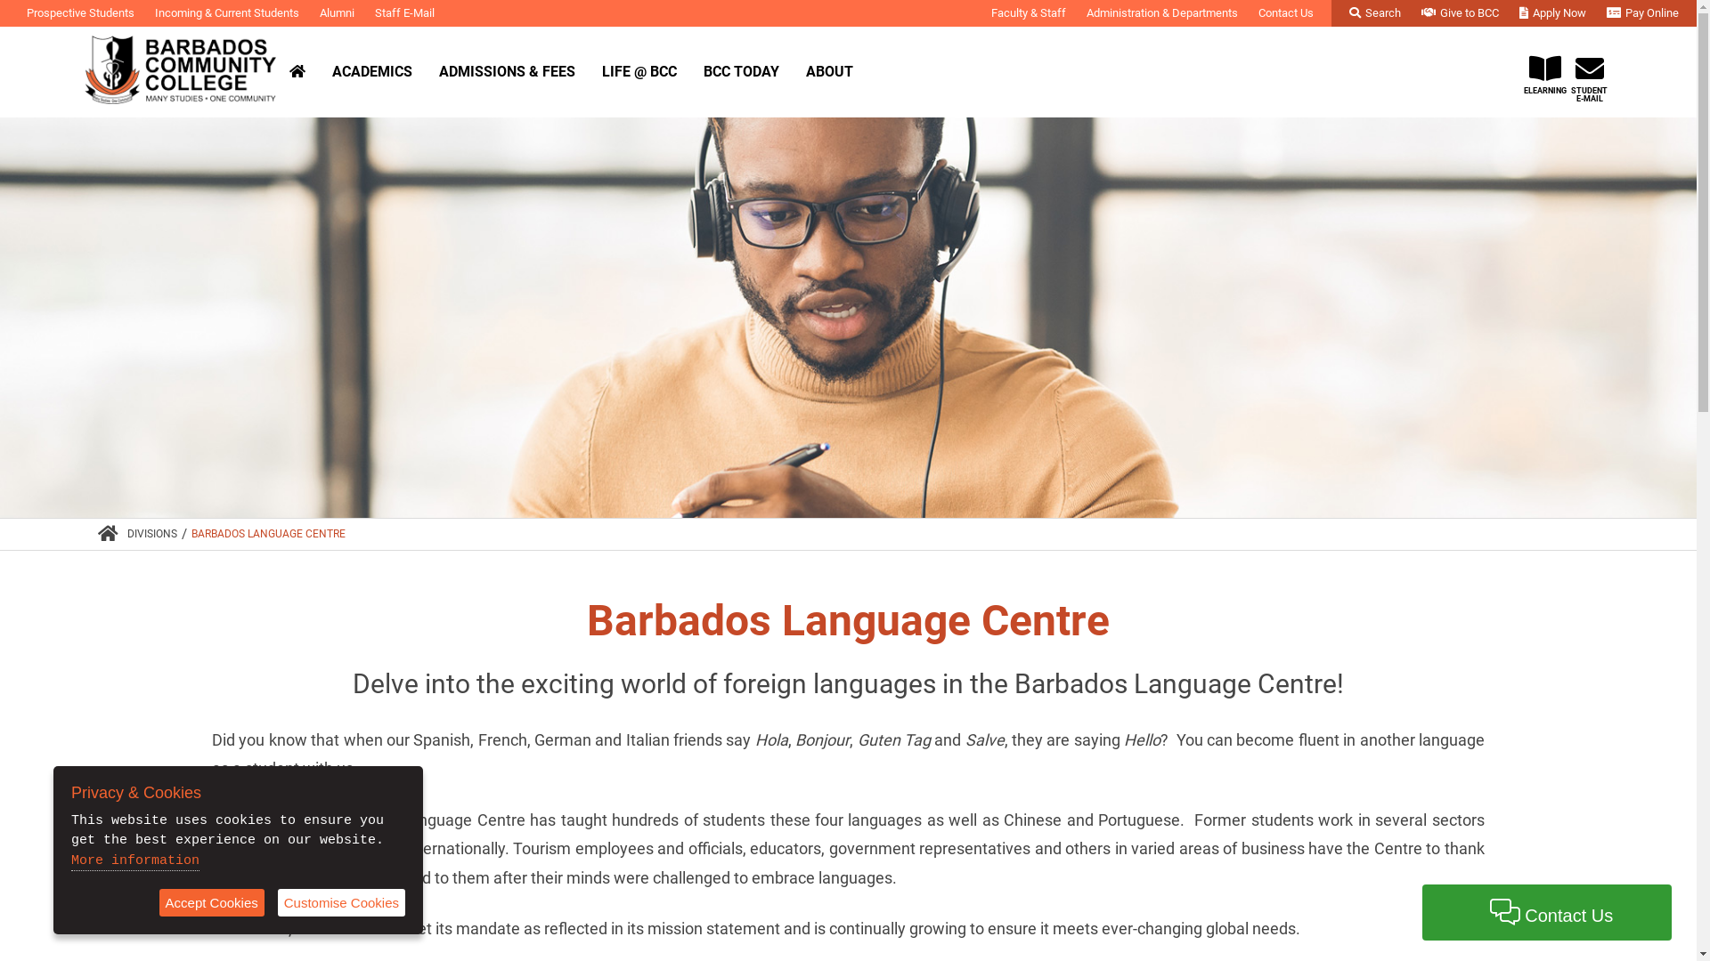 The image size is (1710, 961). What do you see at coordinates (1590, 68) in the screenshot?
I see `'STUDENT E-MAIL'` at bounding box center [1590, 68].